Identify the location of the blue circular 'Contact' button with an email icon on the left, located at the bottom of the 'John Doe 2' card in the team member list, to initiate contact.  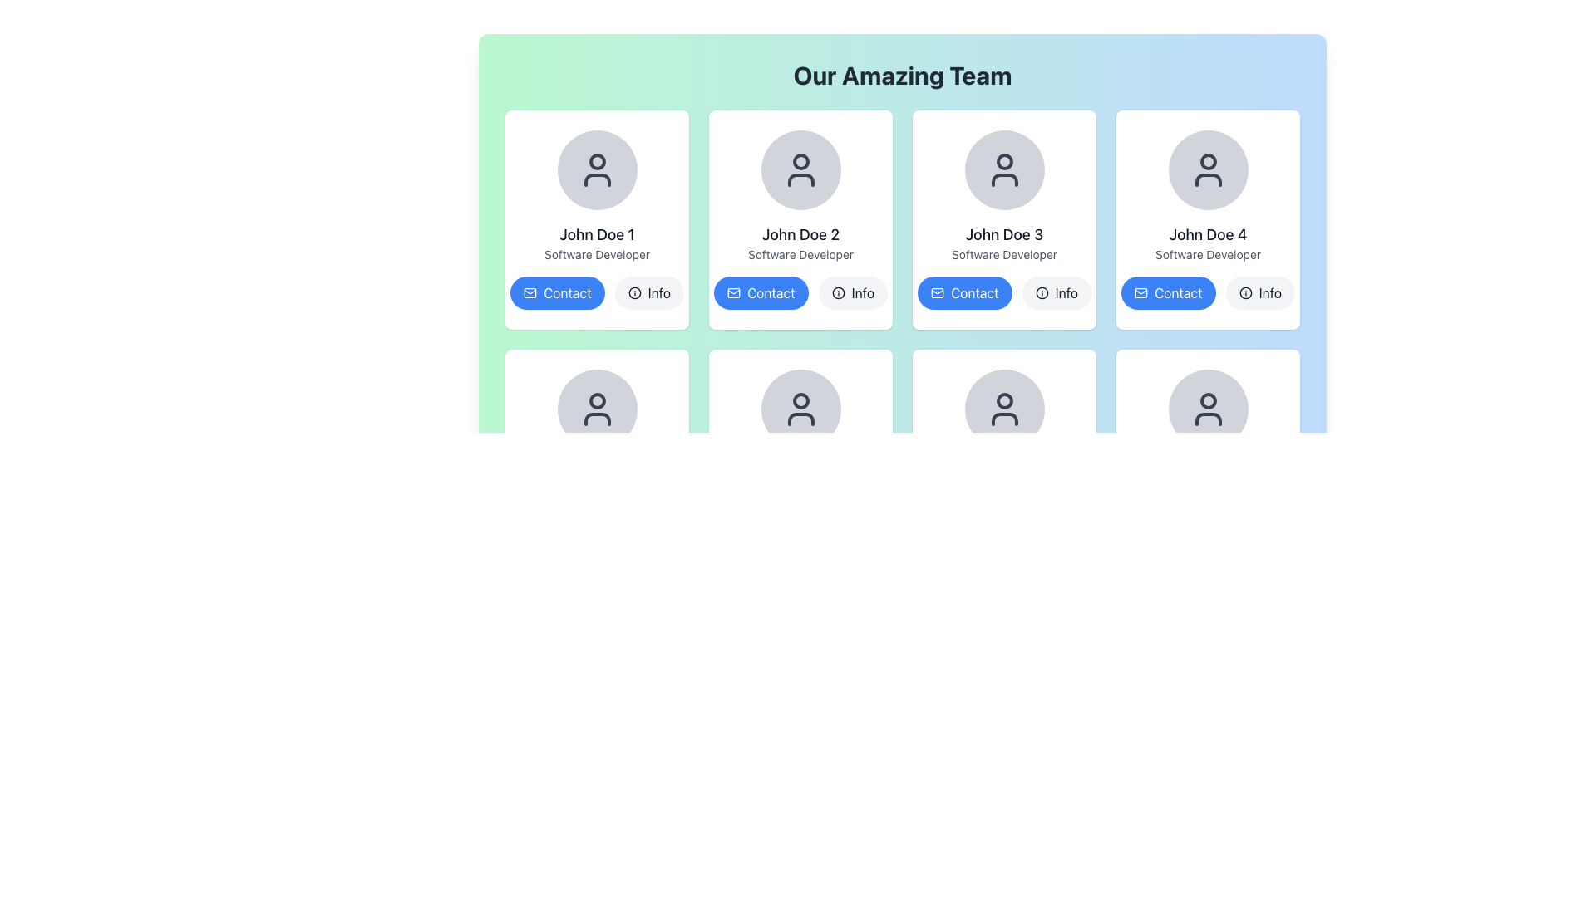
(760, 292).